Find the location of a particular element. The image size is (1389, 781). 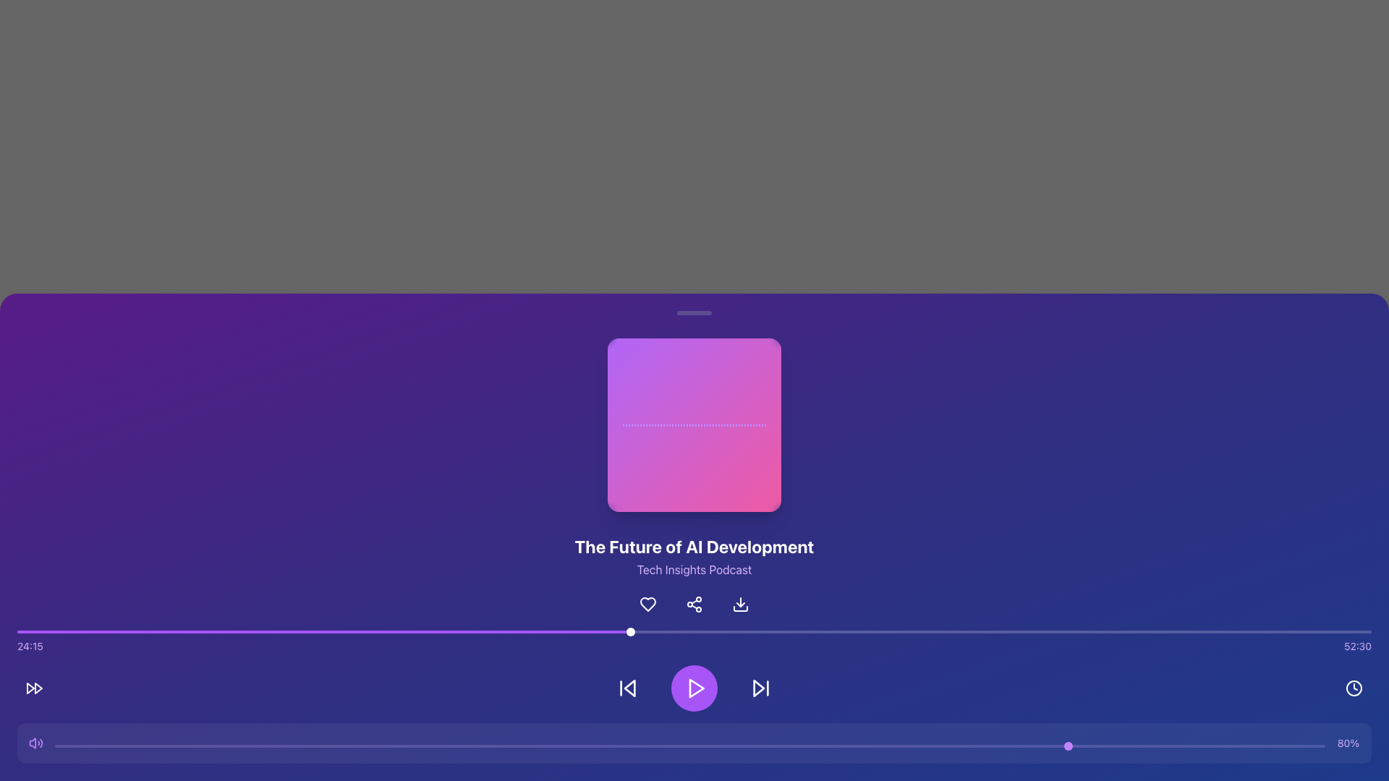

progress is located at coordinates (199, 631).